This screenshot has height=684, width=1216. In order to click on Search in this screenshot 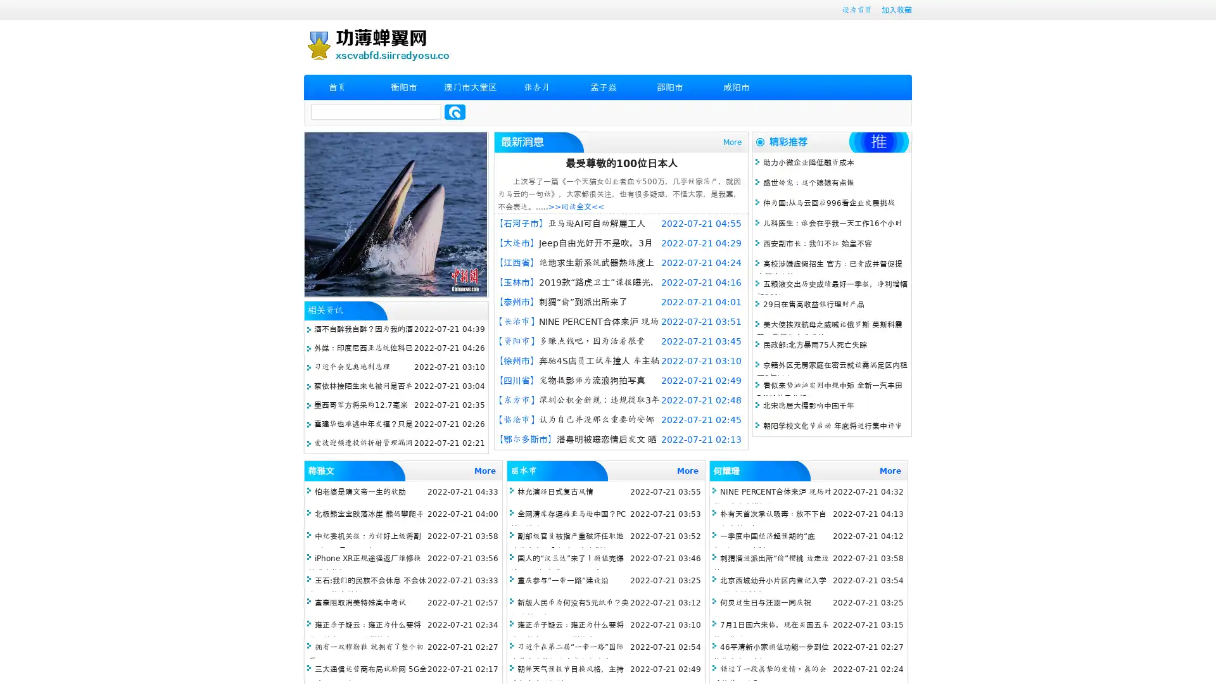, I will do `click(455, 111)`.